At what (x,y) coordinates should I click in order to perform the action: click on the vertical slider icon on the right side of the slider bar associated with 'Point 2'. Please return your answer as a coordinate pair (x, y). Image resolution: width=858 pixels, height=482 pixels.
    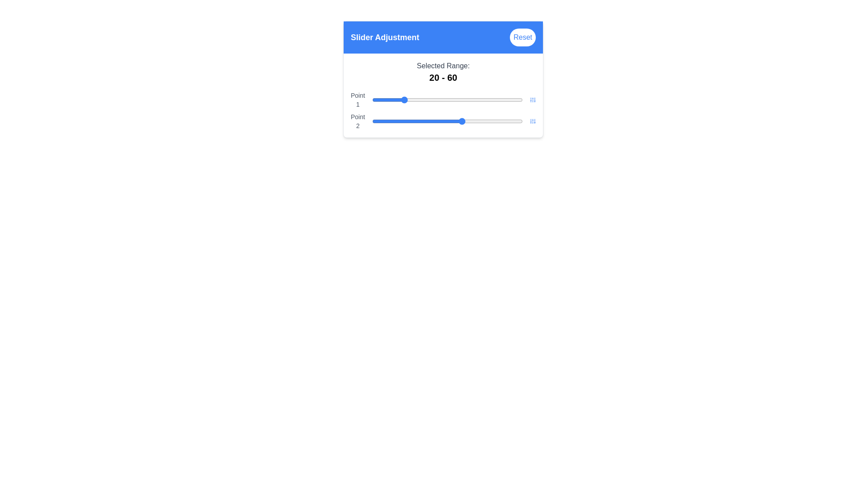
    Looking at the image, I should click on (533, 100).